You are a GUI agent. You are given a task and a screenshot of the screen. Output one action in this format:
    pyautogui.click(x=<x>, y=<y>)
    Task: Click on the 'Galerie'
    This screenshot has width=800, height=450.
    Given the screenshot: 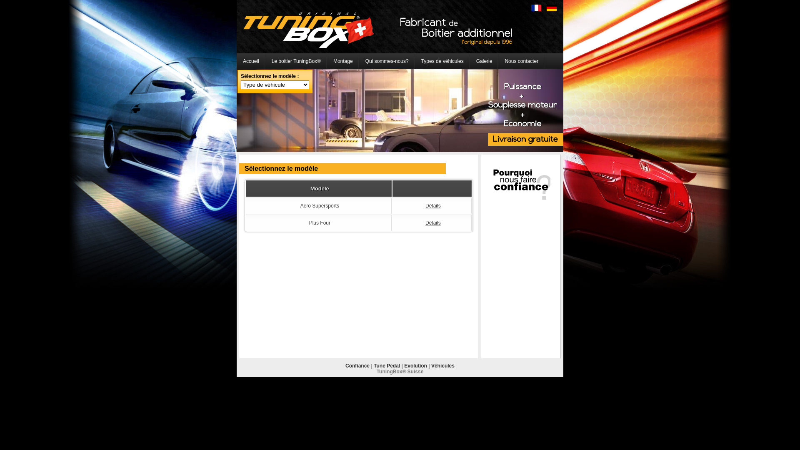 What is the action you would take?
    pyautogui.click(x=470, y=60)
    